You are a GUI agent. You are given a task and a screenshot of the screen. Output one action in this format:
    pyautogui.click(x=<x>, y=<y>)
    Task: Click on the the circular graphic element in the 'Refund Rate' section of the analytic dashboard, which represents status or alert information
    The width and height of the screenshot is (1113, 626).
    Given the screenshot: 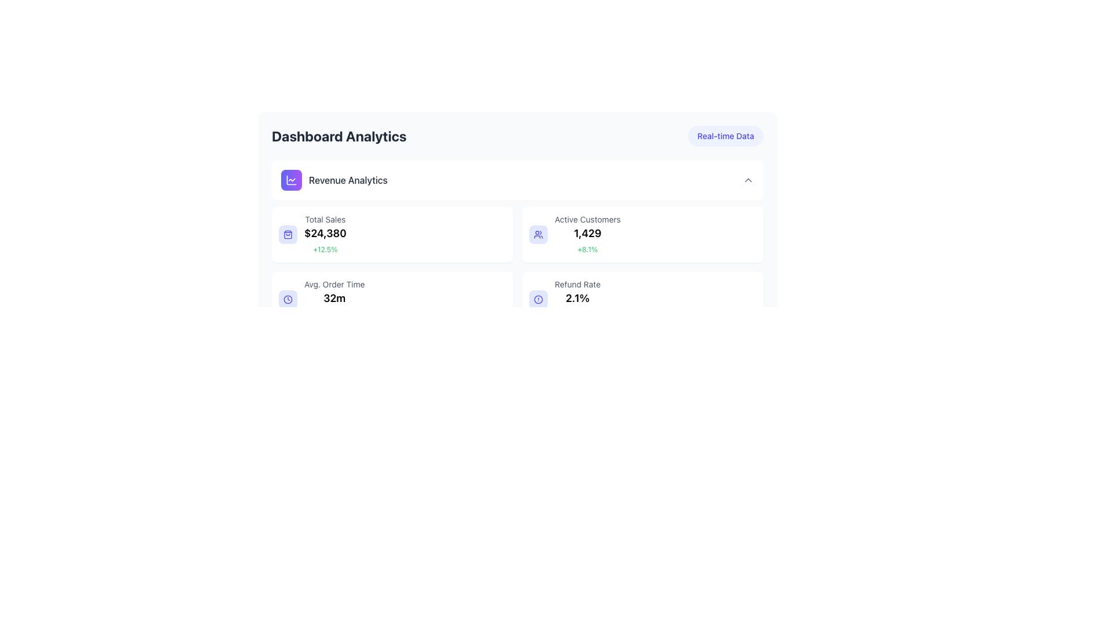 What is the action you would take?
    pyautogui.click(x=538, y=299)
    